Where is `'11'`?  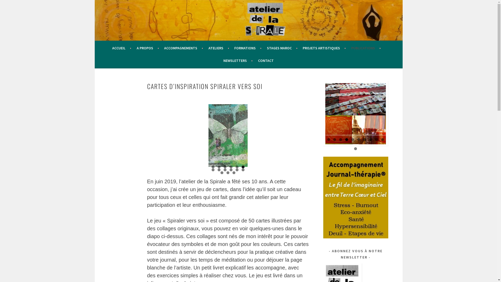 '11' is located at coordinates (236, 170).